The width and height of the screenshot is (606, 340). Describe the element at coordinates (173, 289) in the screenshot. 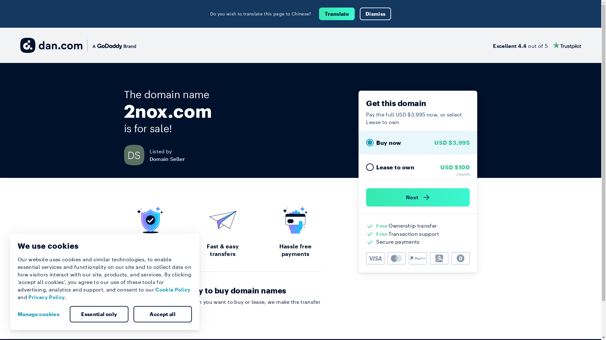

I see `'Cookie Policy'` at that location.